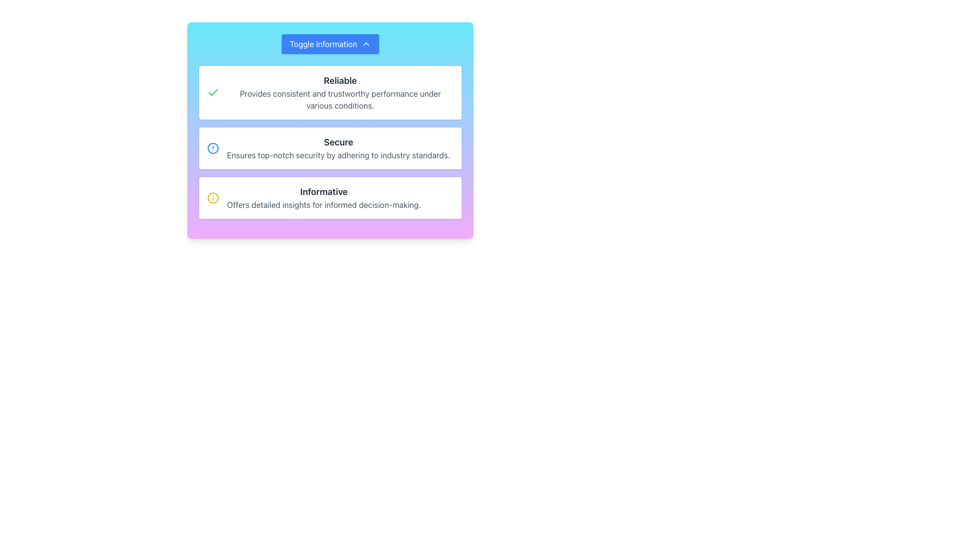  Describe the element at coordinates (365, 43) in the screenshot. I see `the small upward-pointing chevron icon outlined in white, located on the right edge of the blue button labeled 'Toggle Information'` at that location.